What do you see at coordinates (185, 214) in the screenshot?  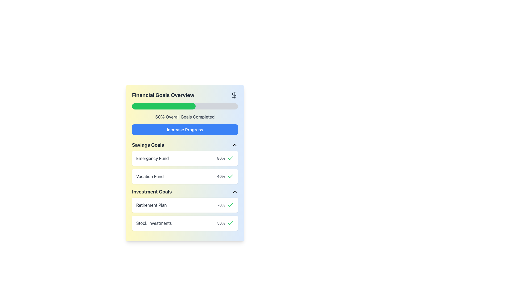 I see `the List Item Group element that displays progress towards investment goals, located under the 'Investment Goals' header` at bounding box center [185, 214].